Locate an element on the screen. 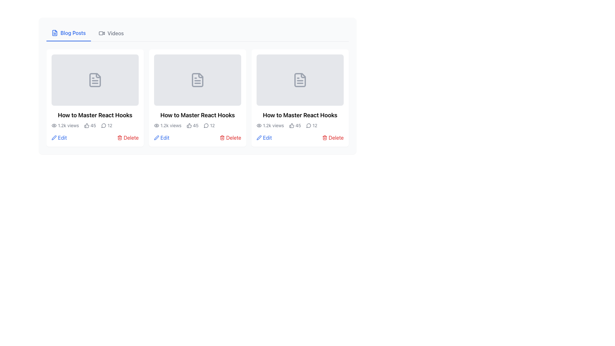  the small pen icon located within the 'Edit' button, which is positioned below the thumbnail image and textual metadata of the third post is located at coordinates (259, 137).